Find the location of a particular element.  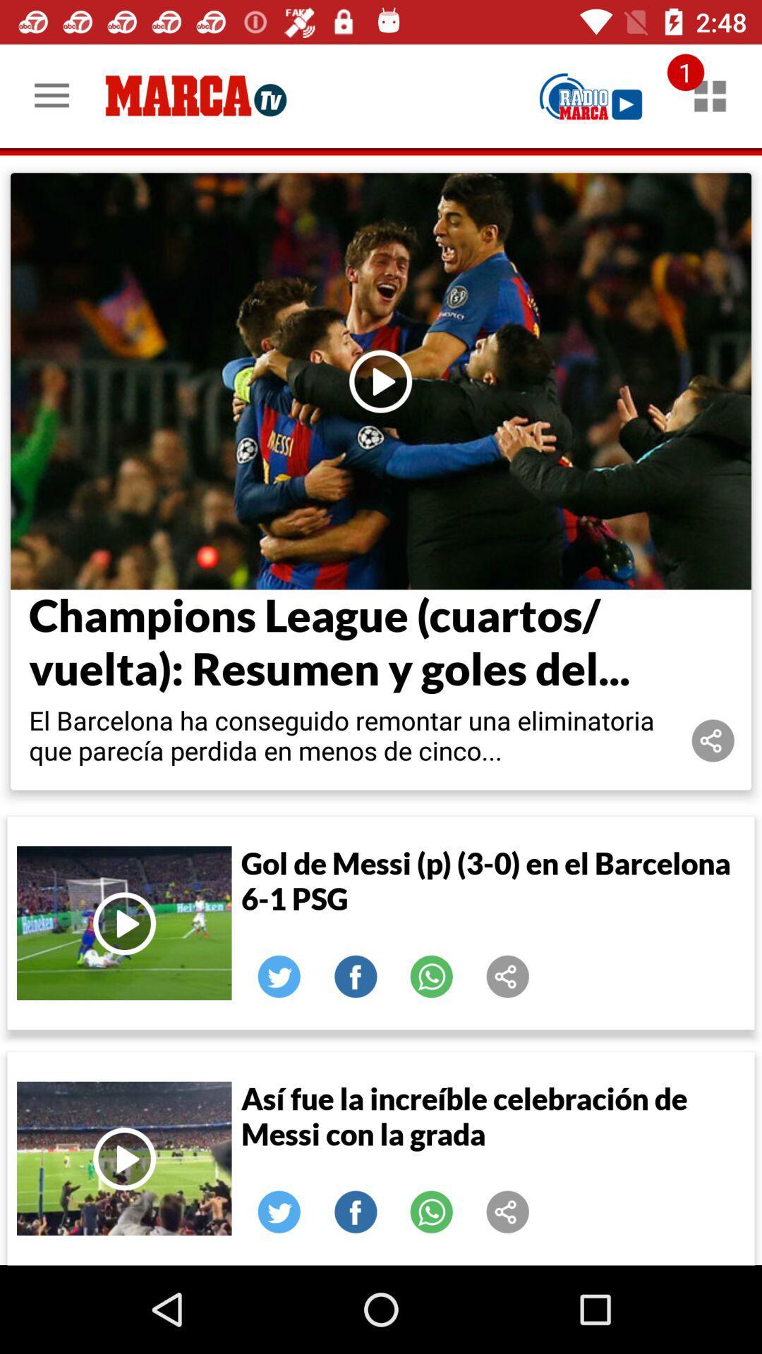

share on whatsapp is located at coordinates (431, 1211).